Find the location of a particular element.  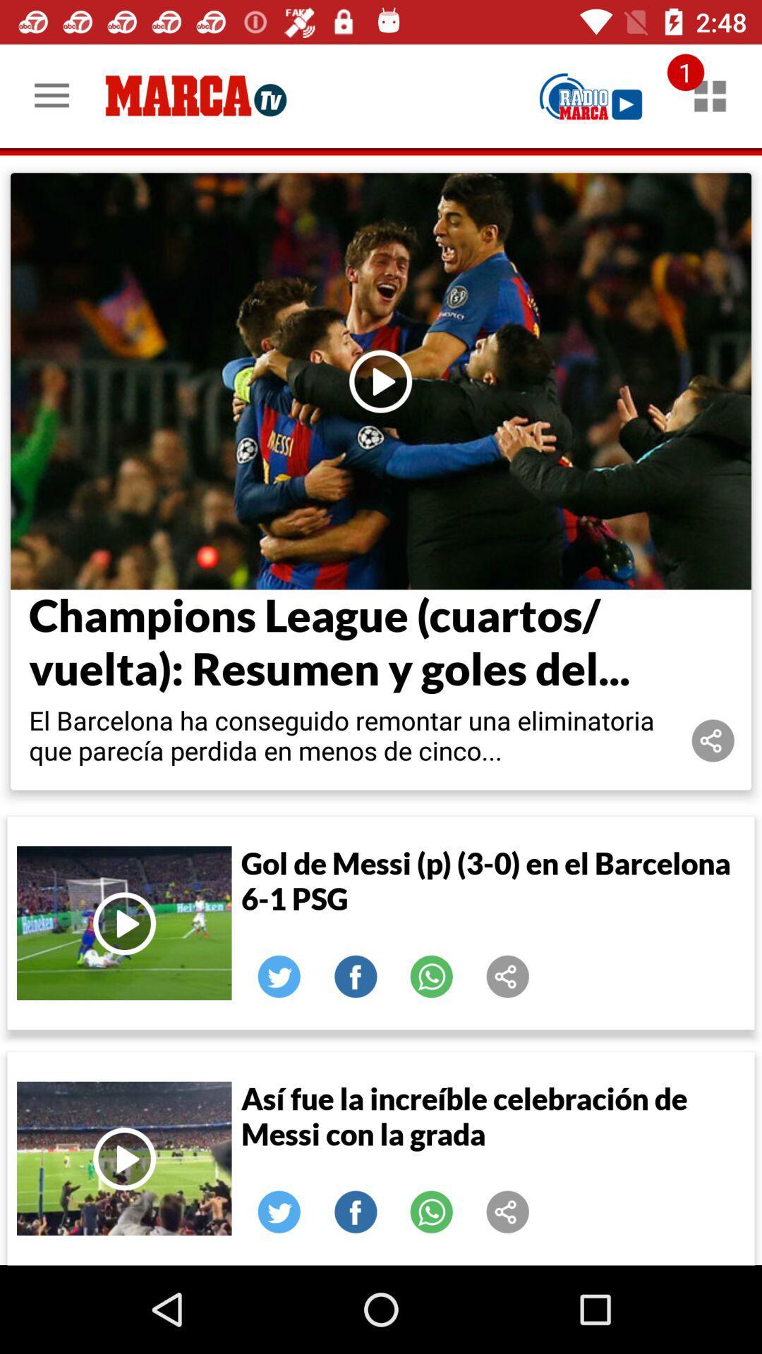

share on whatsapp is located at coordinates (431, 1211).